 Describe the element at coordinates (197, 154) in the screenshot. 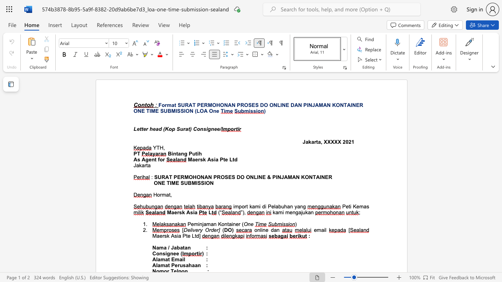

I see `the space between the continuous character "t" and "i" in the text` at that location.